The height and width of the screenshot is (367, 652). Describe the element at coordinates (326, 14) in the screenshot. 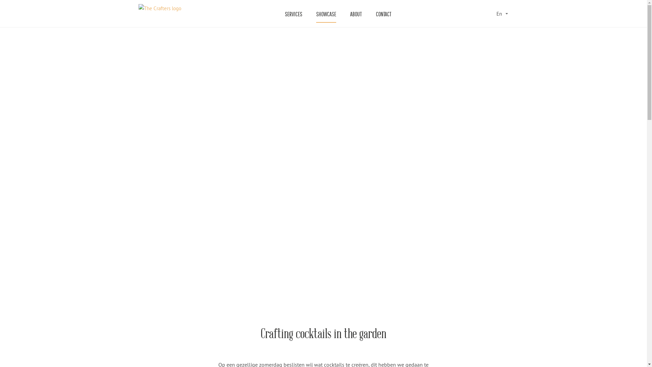

I see `'SHOWCASE'` at that location.